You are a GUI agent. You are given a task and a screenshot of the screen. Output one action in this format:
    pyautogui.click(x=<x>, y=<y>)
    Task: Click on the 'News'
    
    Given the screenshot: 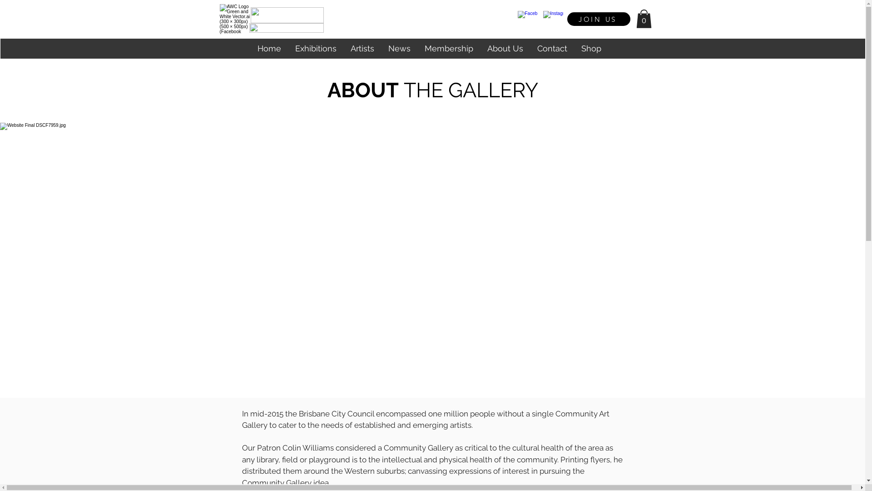 What is the action you would take?
    pyautogui.click(x=399, y=49)
    